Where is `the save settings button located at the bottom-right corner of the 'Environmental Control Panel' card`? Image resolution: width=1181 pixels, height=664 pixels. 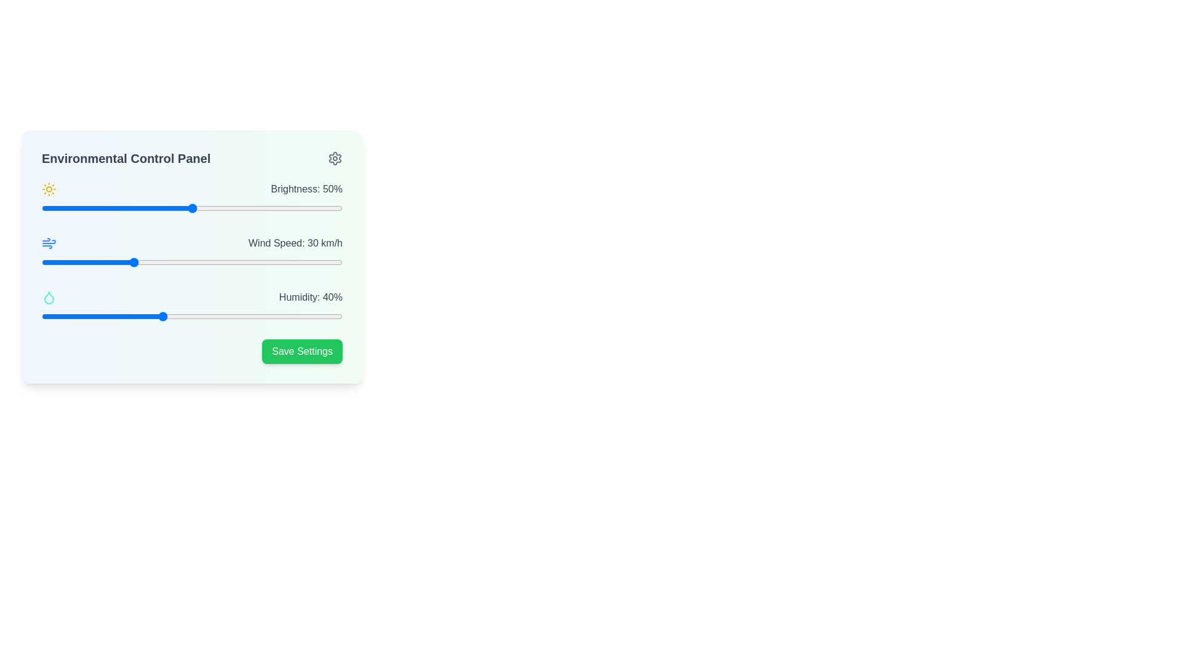 the save settings button located at the bottom-right corner of the 'Environmental Control Panel' card is located at coordinates (302, 351).